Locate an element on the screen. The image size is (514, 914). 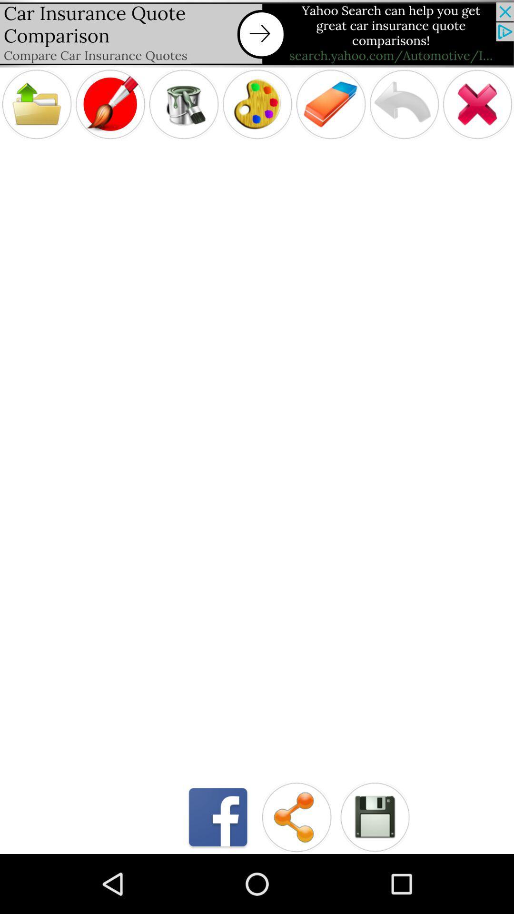
the folder icon is located at coordinates (36, 111).